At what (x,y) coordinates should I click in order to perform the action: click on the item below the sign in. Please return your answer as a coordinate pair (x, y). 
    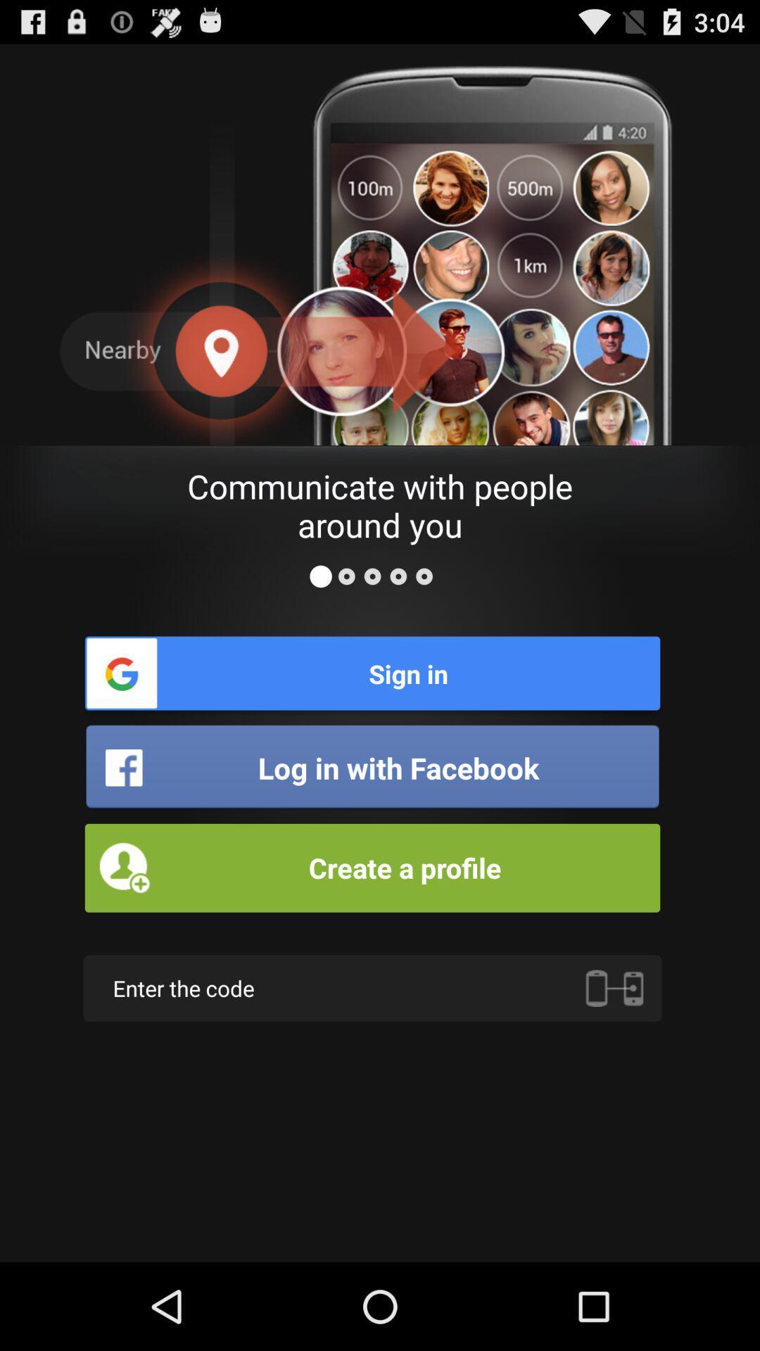
    Looking at the image, I should click on (372, 767).